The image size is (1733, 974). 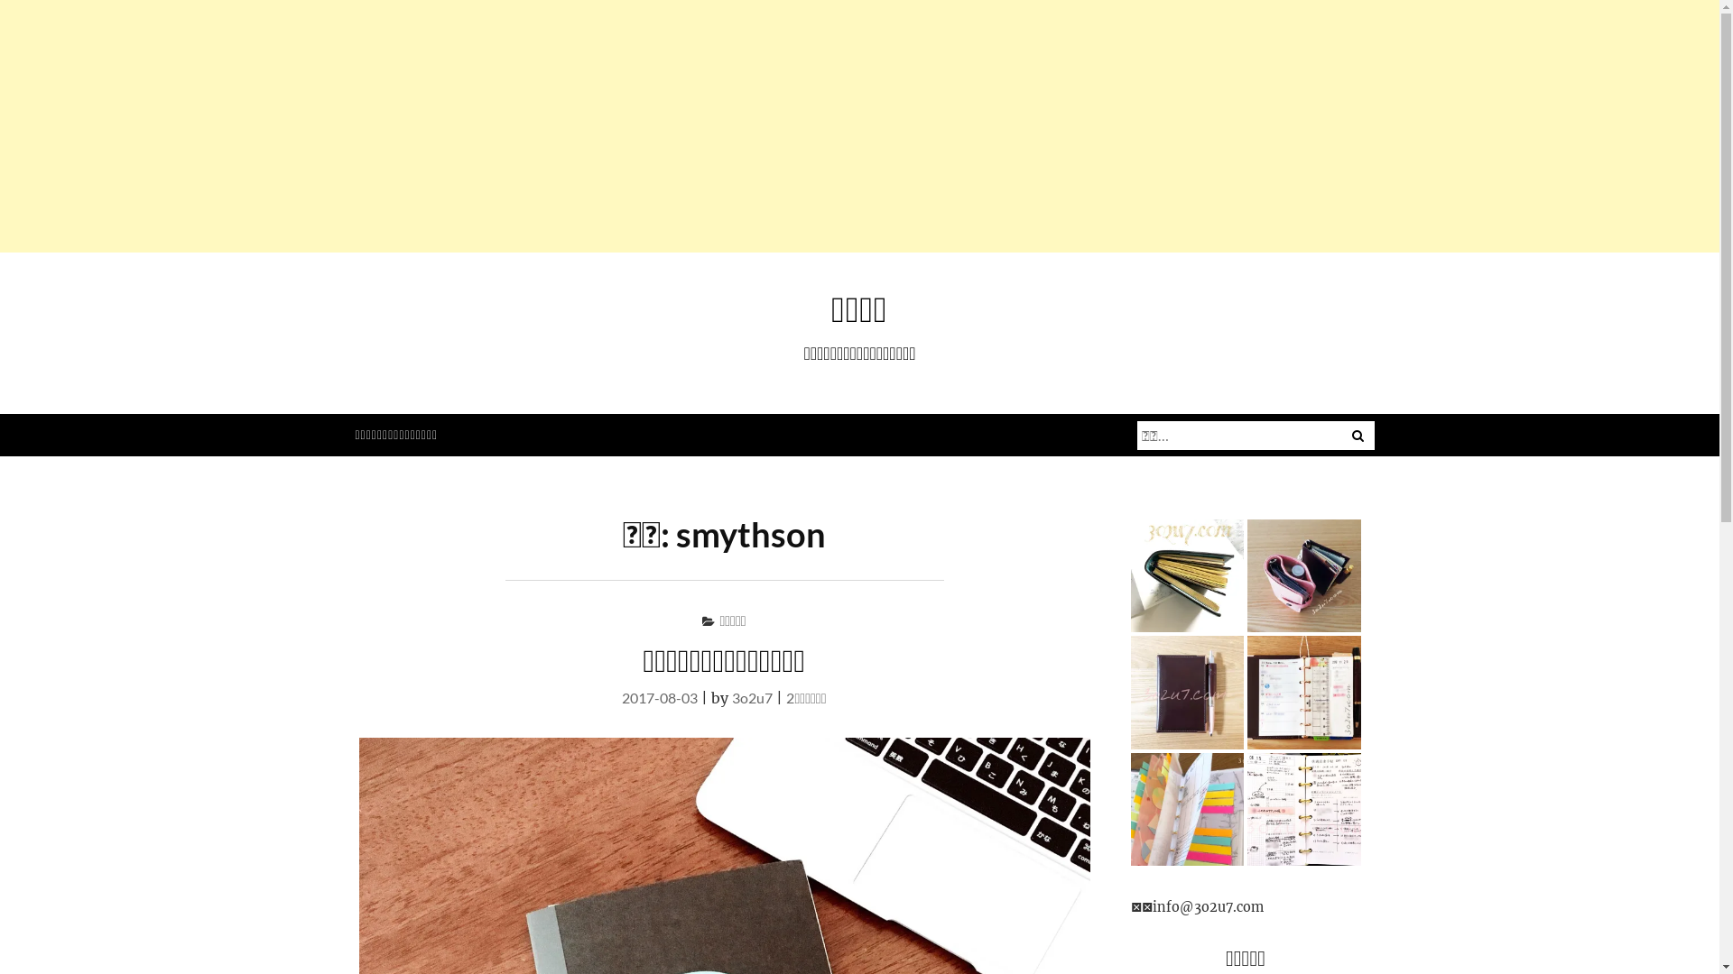 I want to click on '2017-08-03', so click(x=658, y=696).